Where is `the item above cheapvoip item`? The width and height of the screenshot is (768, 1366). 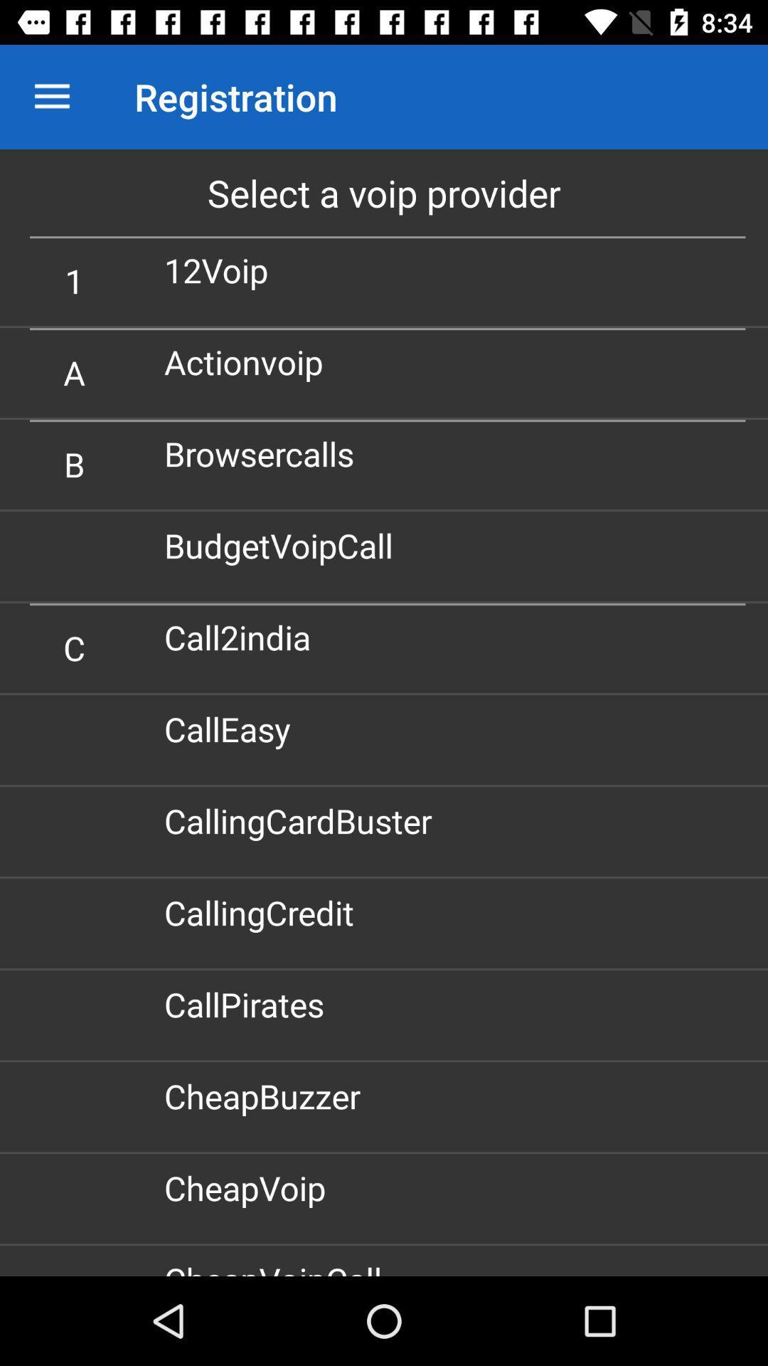
the item above cheapvoip item is located at coordinates (267, 1095).